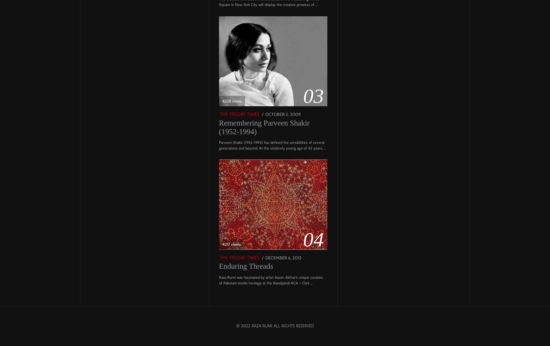 This screenshot has height=346, width=550. Describe the element at coordinates (245, 266) in the screenshot. I see `'Enduring Threads'` at that location.